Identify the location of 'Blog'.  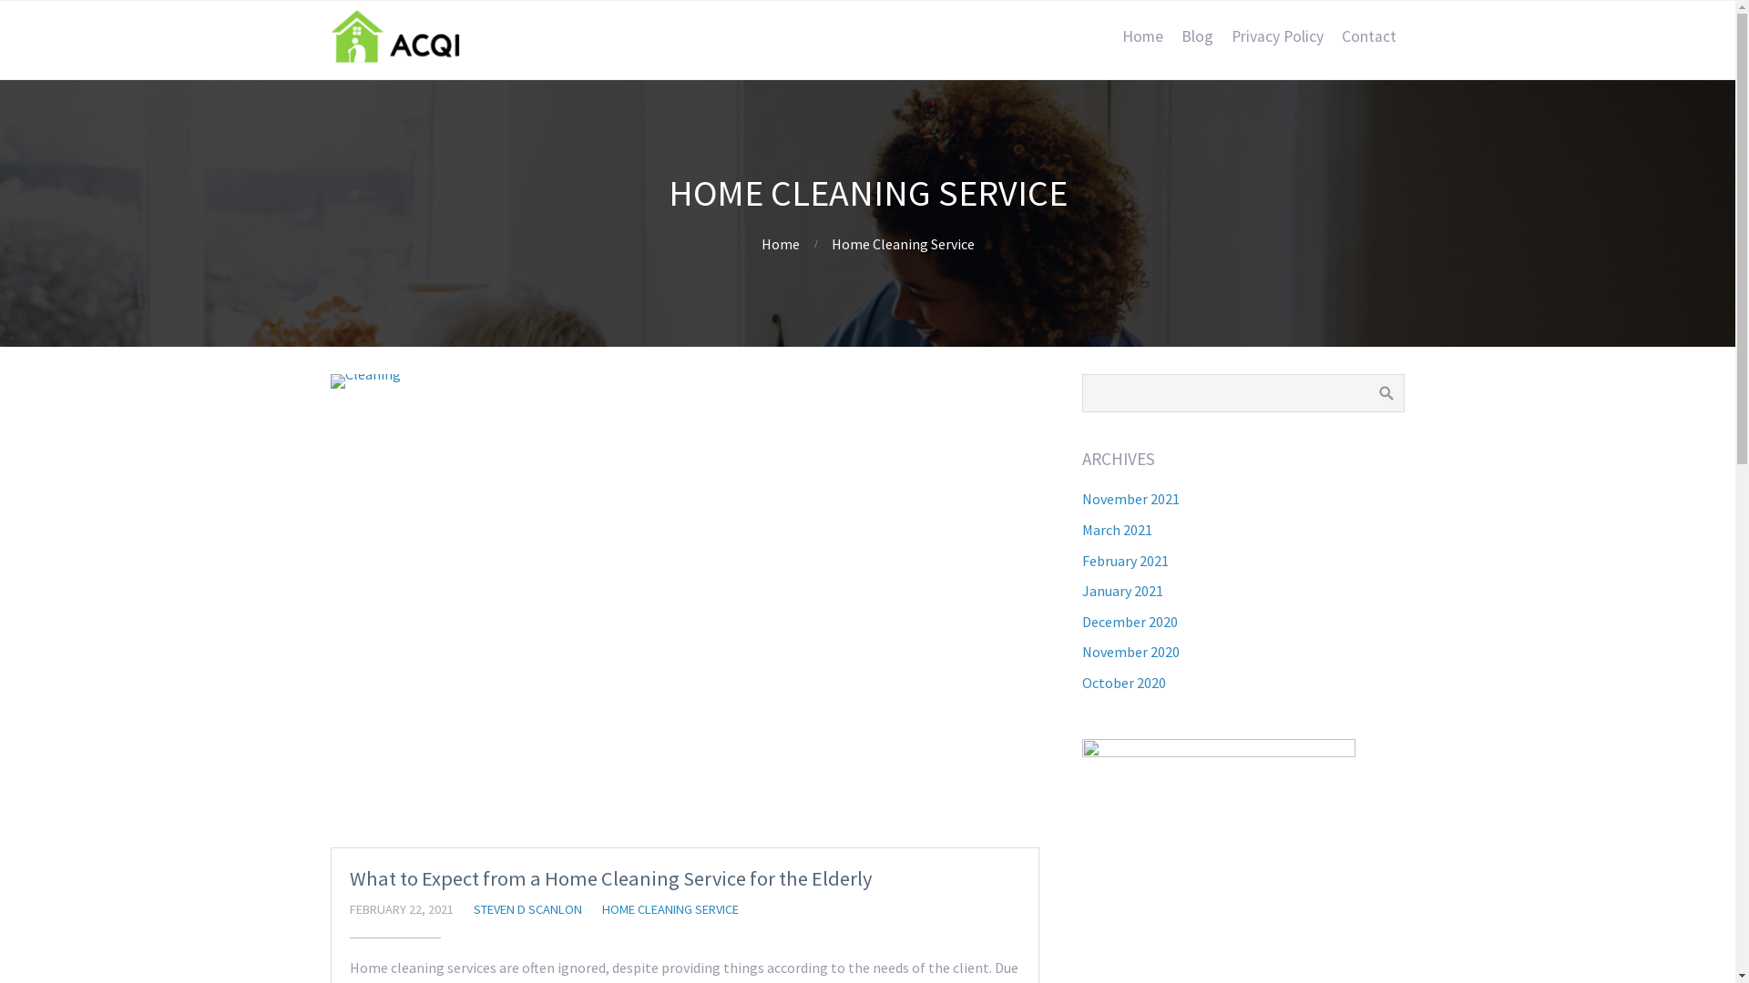
(1171, 35).